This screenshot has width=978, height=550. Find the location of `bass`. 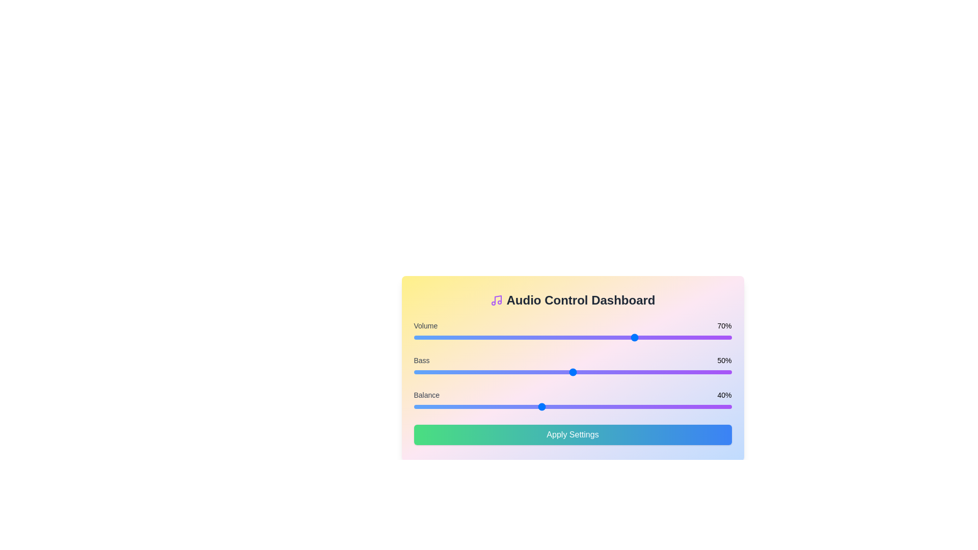

bass is located at coordinates (681, 372).